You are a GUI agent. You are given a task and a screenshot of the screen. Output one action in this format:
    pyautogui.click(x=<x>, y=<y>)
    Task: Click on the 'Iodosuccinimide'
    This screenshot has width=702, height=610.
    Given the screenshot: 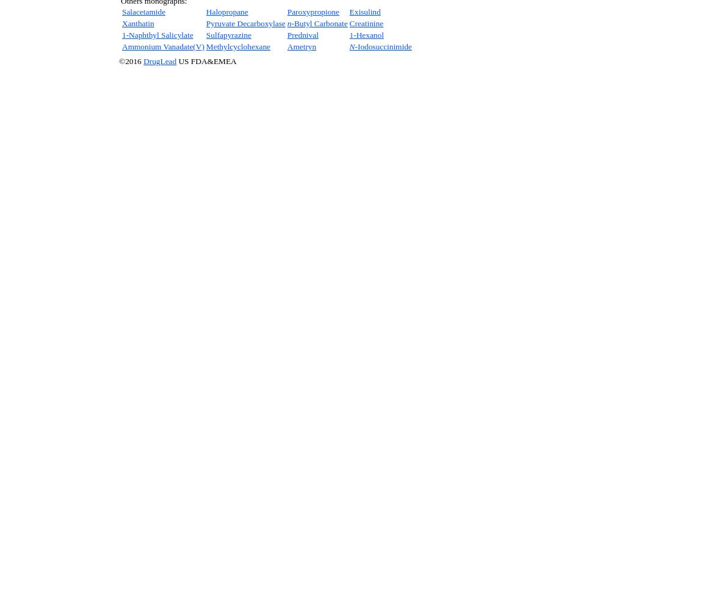 What is the action you would take?
    pyautogui.click(x=383, y=46)
    